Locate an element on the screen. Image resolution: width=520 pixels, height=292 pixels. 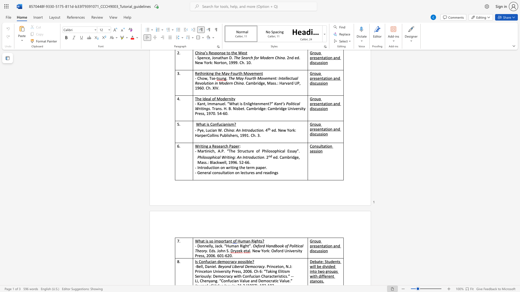
the subset text "nsultation s" within the text "Consultation session" is located at coordinates (314, 146).